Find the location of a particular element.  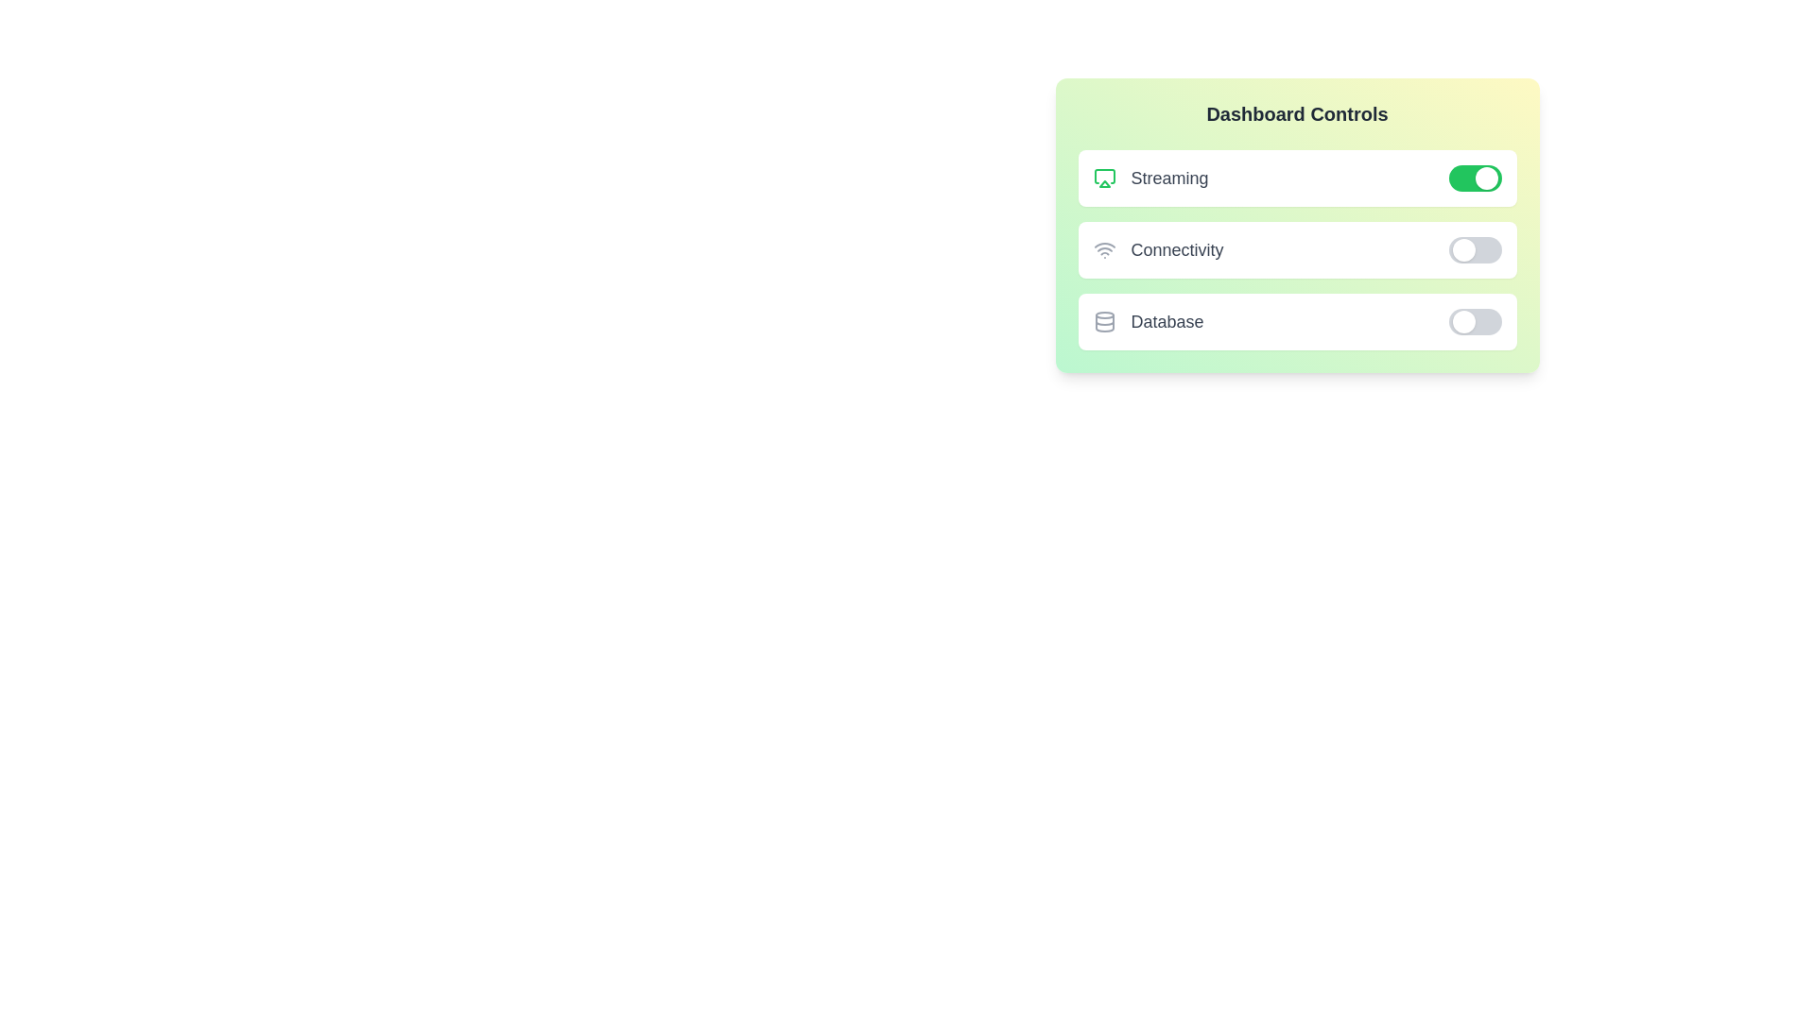

the icon corresponding to the widget labeled Streaming is located at coordinates (1104, 178).